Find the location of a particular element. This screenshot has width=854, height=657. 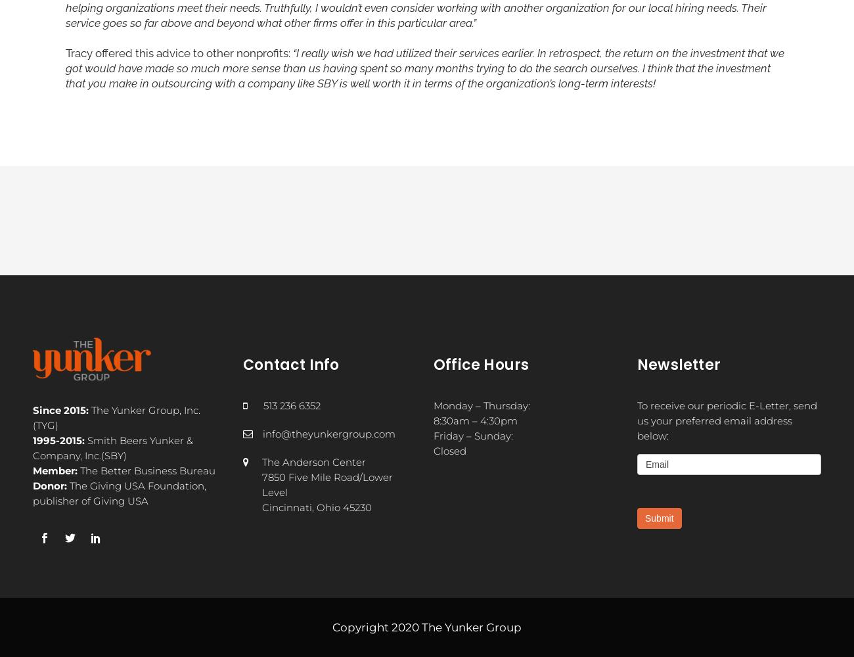

'The Better Business Bureau' is located at coordinates (145, 469).